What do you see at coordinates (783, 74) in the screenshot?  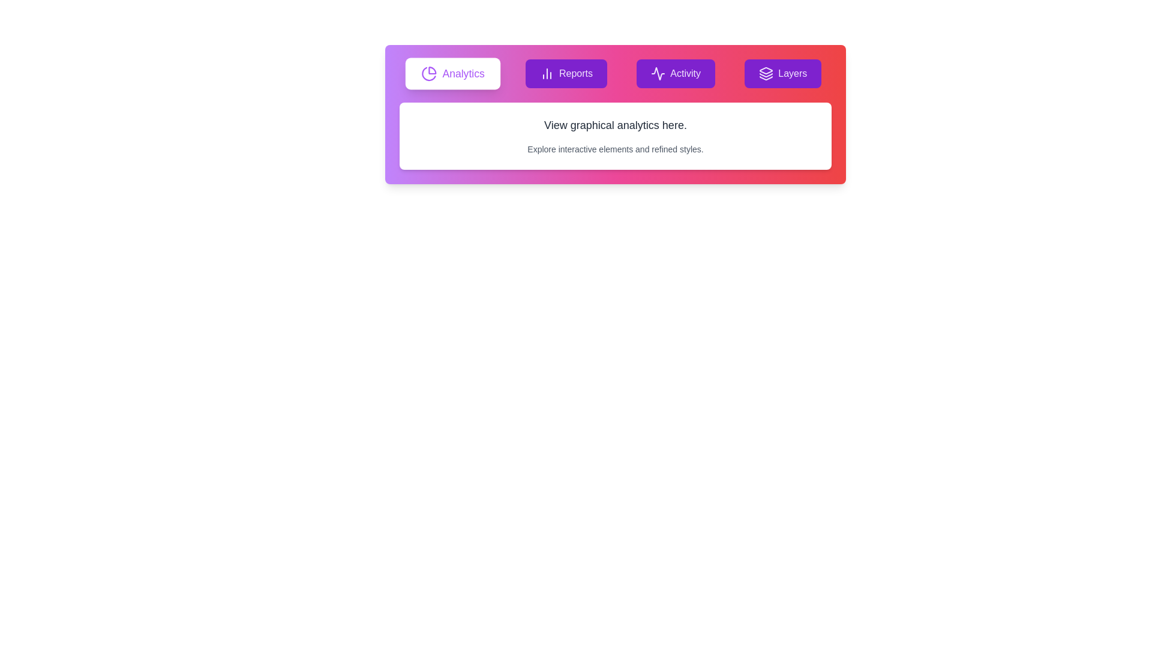 I see `the tab labeled Layers` at bounding box center [783, 74].